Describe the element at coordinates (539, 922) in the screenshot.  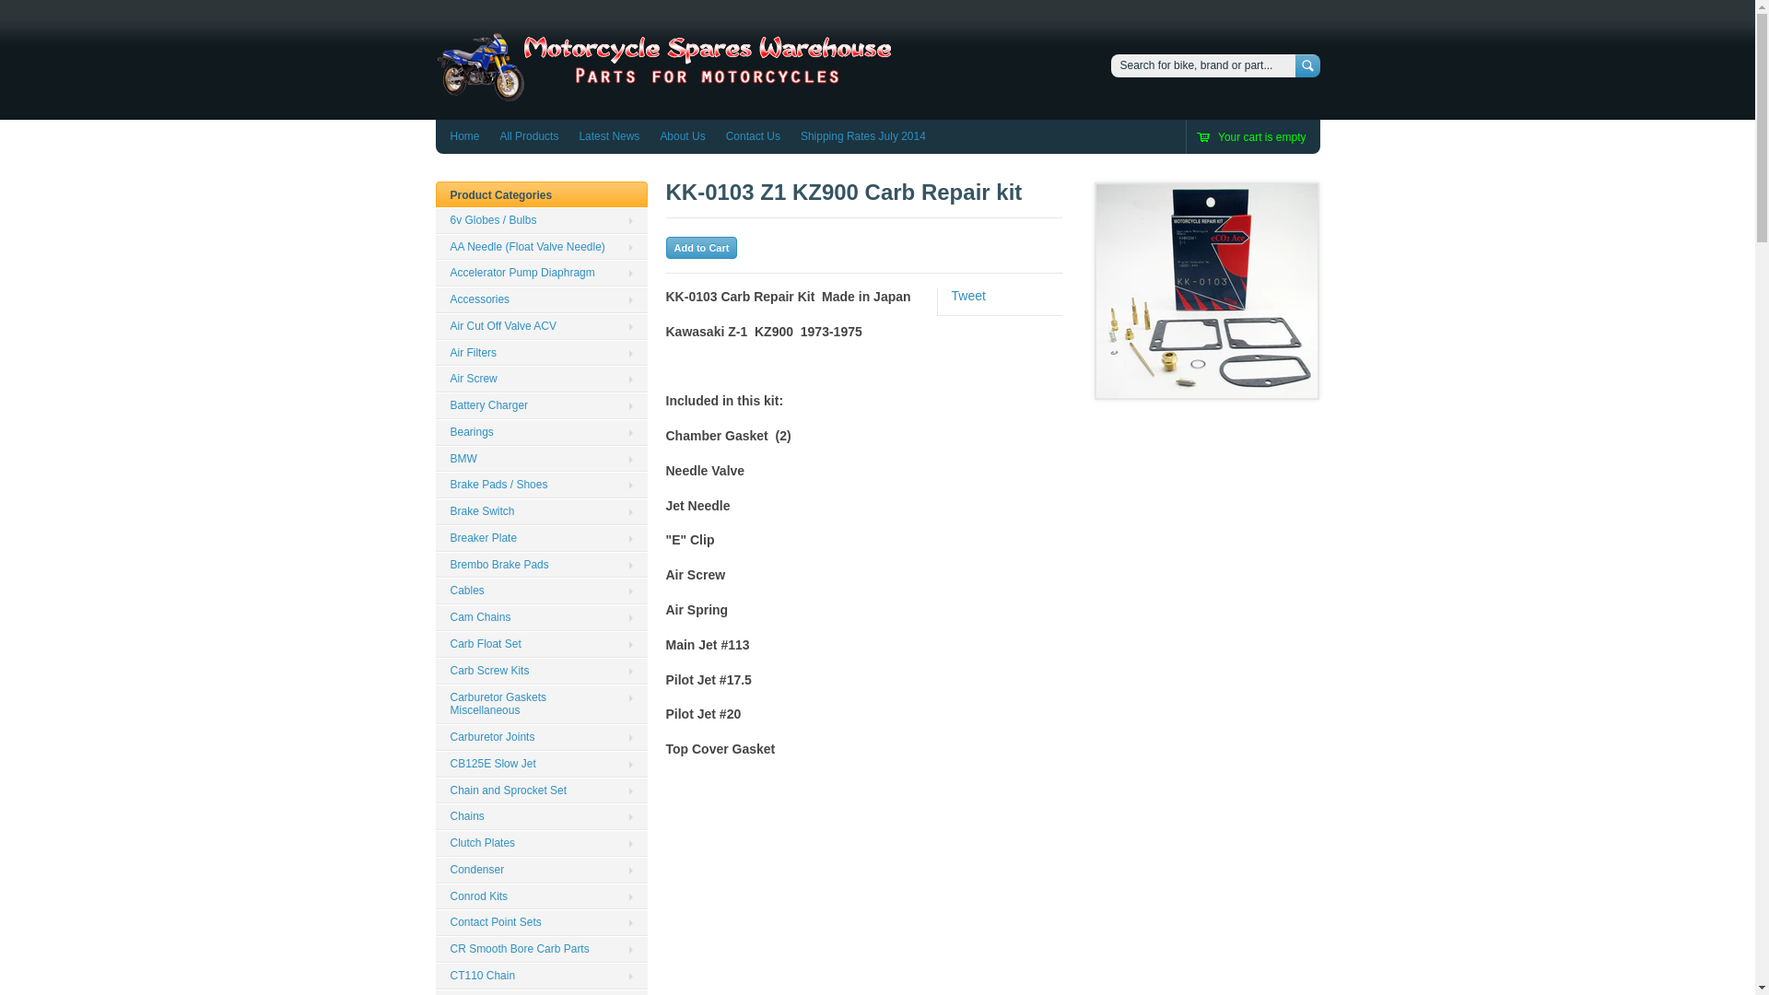
I see `'Contact Point Sets'` at that location.